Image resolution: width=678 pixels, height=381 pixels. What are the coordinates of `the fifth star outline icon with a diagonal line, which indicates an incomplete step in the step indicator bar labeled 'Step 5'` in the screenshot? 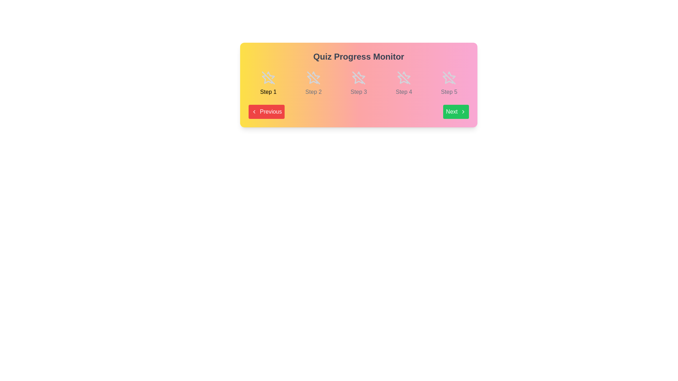 It's located at (449, 78).